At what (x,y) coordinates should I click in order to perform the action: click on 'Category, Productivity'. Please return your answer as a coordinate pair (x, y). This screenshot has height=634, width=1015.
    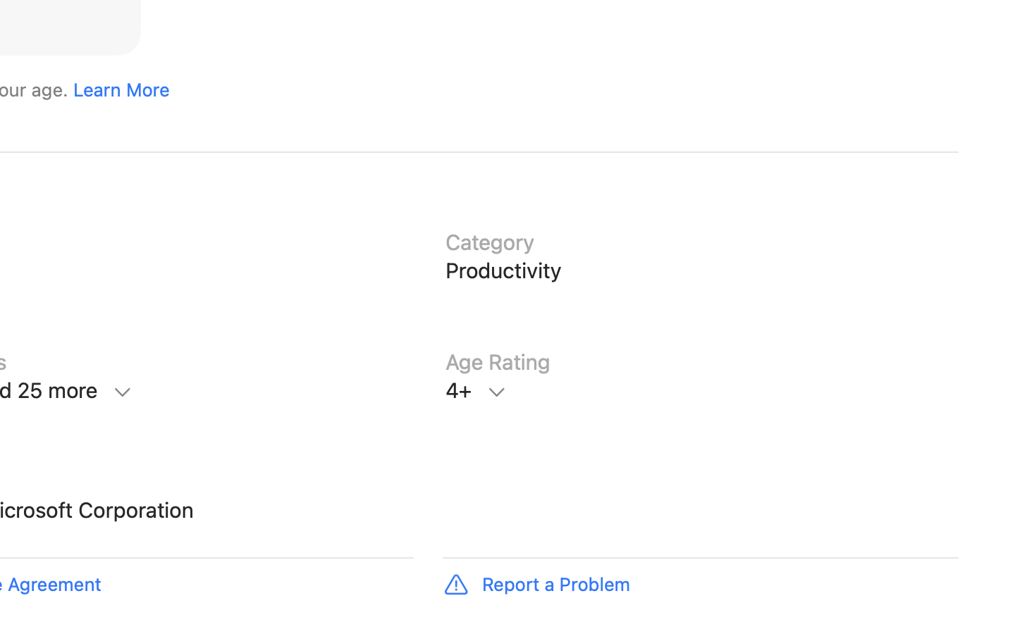
    Looking at the image, I should click on (700, 271).